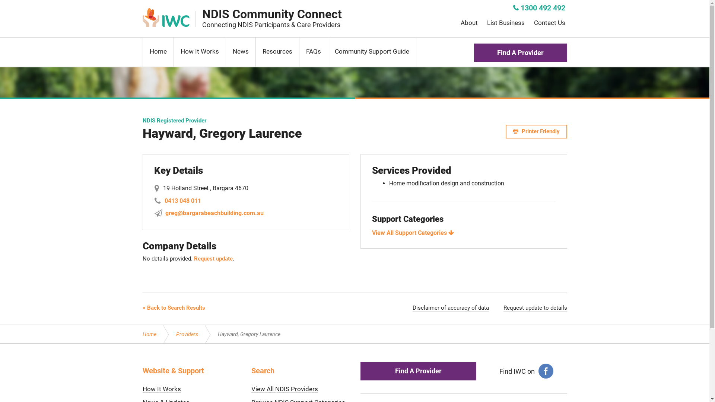 The image size is (715, 402). What do you see at coordinates (413, 232) in the screenshot?
I see `'View All Support Categories'` at bounding box center [413, 232].